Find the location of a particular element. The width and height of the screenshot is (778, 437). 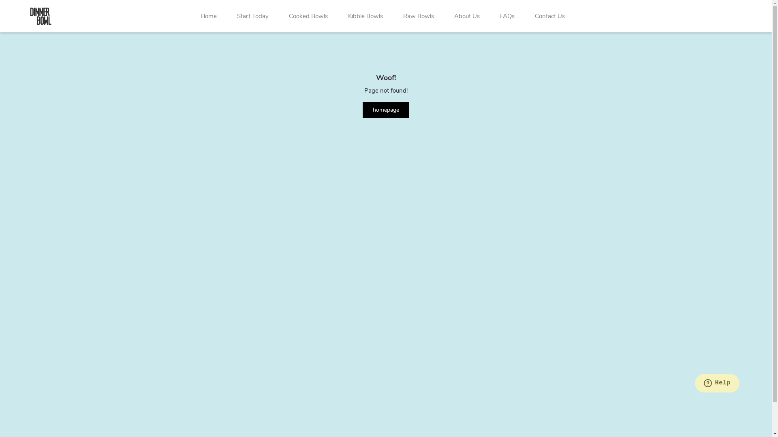

'Contact Us' is located at coordinates (550, 16).